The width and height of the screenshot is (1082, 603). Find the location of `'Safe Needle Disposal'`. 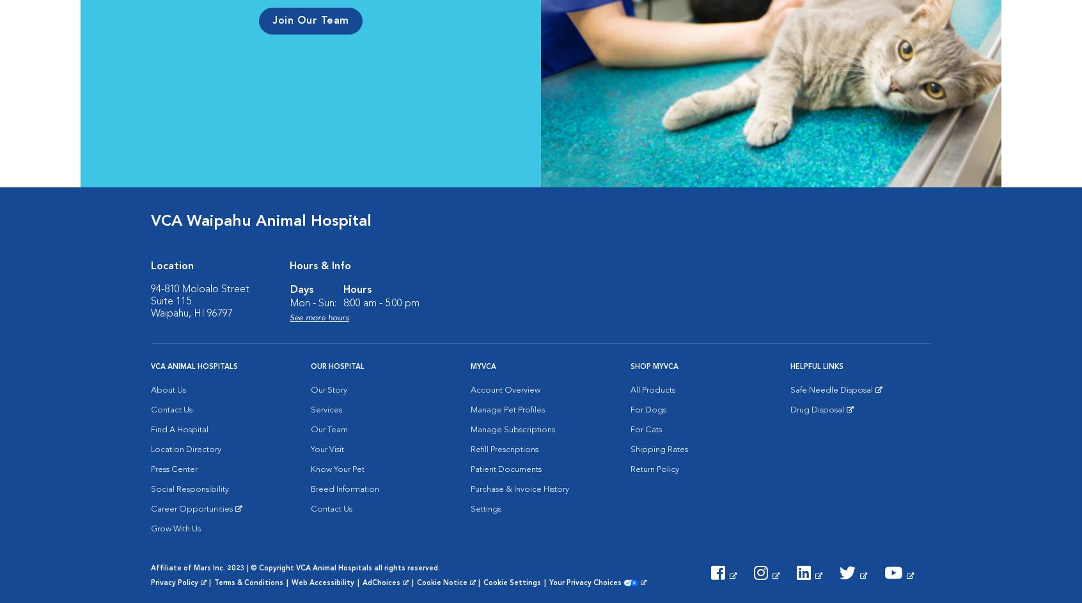

'Safe Needle Disposal' is located at coordinates (831, 389).